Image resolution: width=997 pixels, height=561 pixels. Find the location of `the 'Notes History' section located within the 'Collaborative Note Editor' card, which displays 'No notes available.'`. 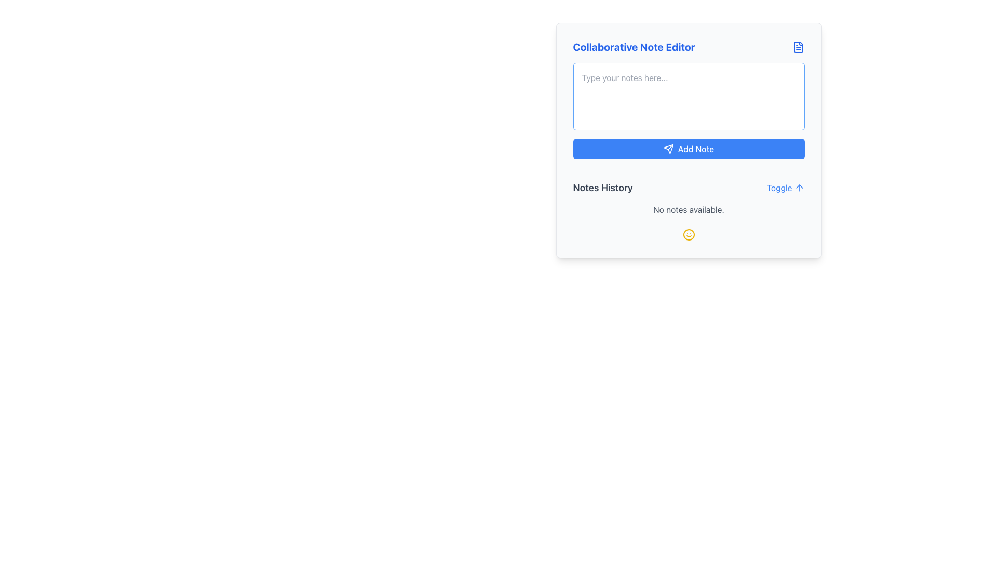

the 'Notes History' section located within the 'Collaborative Note Editor' card, which displays 'No notes available.' is located at coordinates (689, 194).